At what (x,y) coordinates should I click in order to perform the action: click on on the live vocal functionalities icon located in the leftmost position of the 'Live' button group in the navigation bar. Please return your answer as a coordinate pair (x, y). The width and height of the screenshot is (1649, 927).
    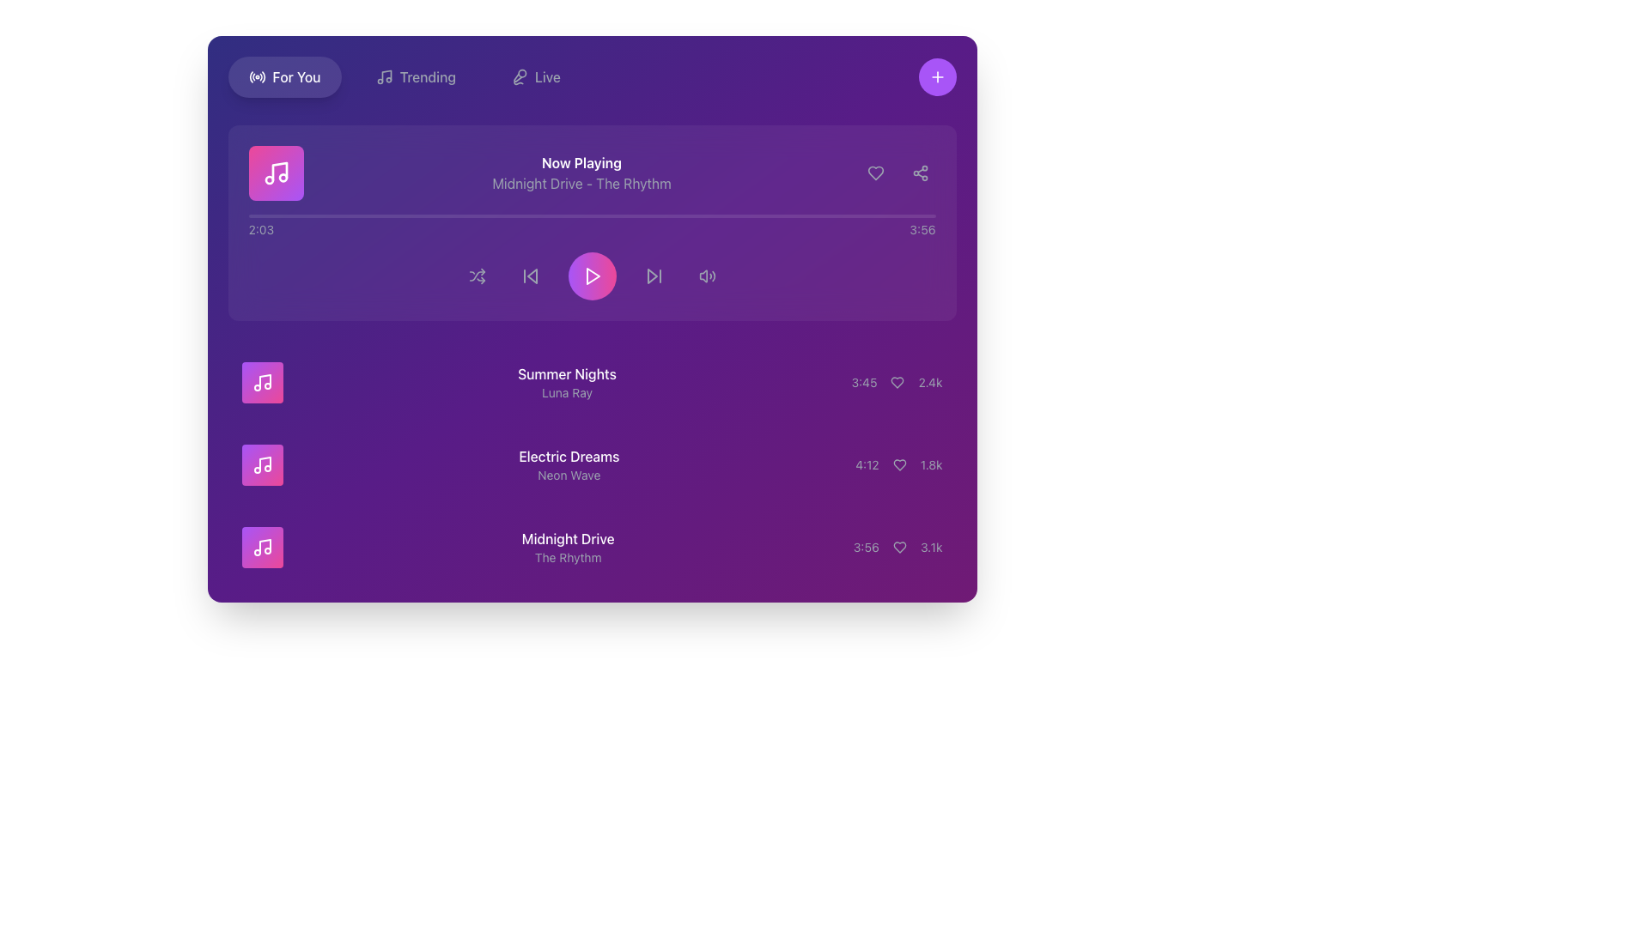
    Looking at the image, I should click on (518, 76).